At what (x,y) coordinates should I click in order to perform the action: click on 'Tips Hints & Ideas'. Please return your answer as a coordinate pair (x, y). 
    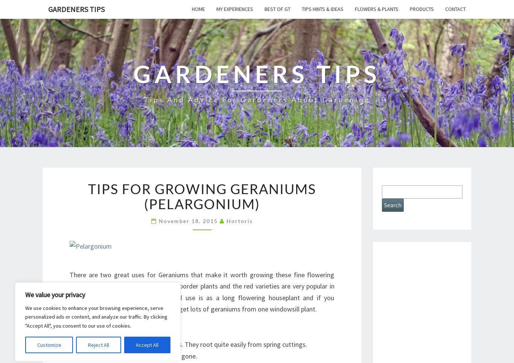
    Looking at the image, I should click on (301, 9).